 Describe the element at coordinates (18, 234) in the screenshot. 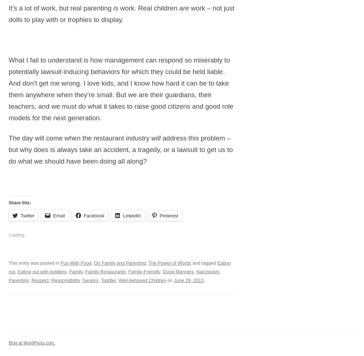

I see `'Loading...'` at that location.